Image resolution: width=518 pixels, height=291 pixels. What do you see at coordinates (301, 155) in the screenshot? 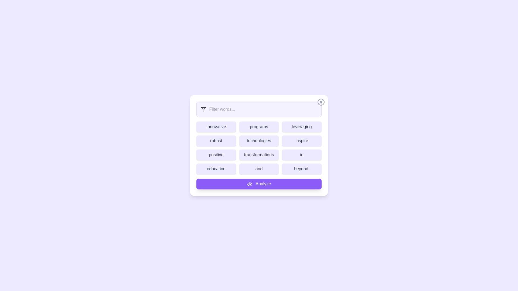
I see `the word in to highlight it` at bounding box center [301, 155].